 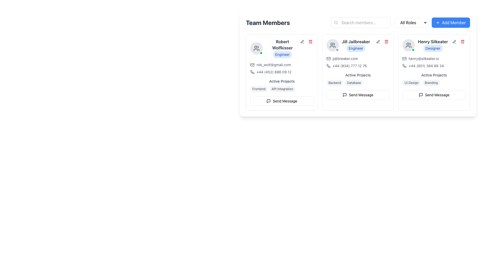 I want to click on the edit button located in the action buttons group for 'Jill Jailbreaker', so click(x=378, y=41).